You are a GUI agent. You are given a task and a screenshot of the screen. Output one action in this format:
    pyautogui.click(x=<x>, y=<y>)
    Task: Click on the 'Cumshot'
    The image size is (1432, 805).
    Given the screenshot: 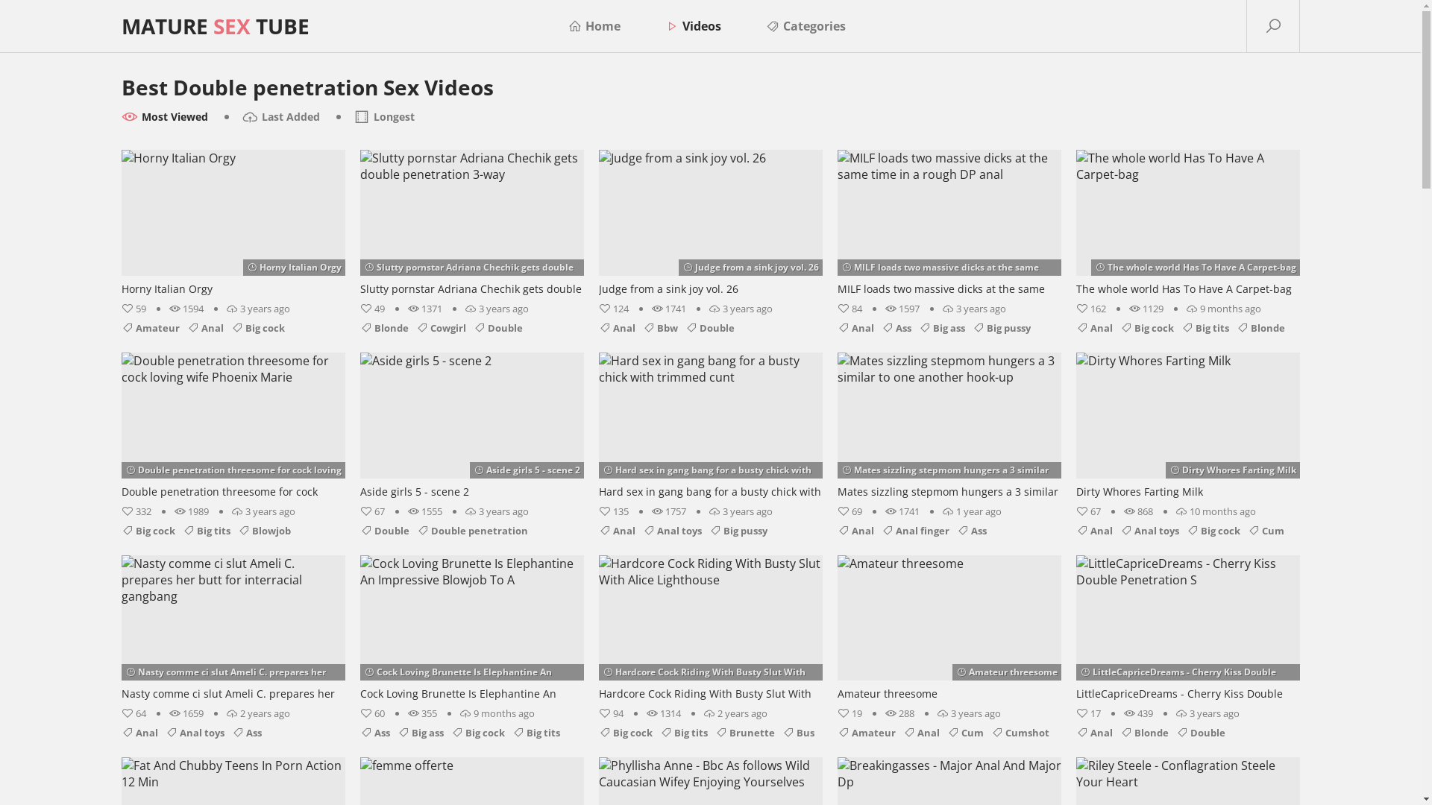 What is the action you would take?
    pyautogui.click(x=990, y=732)
    